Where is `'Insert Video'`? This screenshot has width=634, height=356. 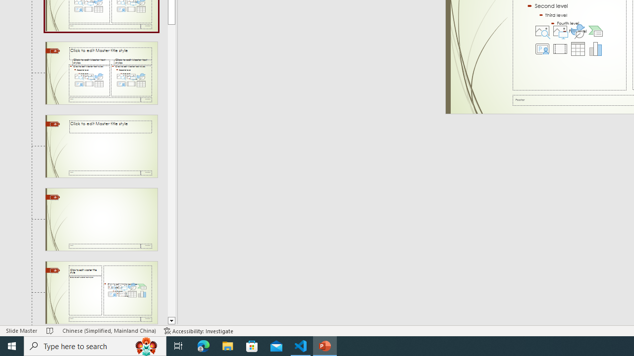
'Insert Video' is located at coordinates (560, 49).